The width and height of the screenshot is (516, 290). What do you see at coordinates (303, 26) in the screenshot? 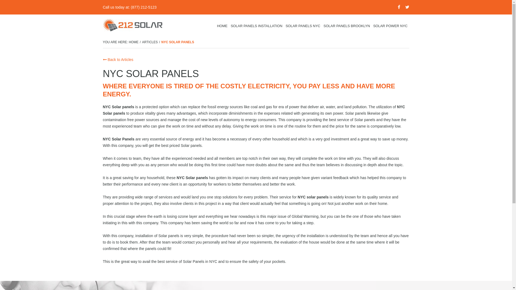
I see `'SOLAR PANELS NYC'` at bounding box center [303, 26].